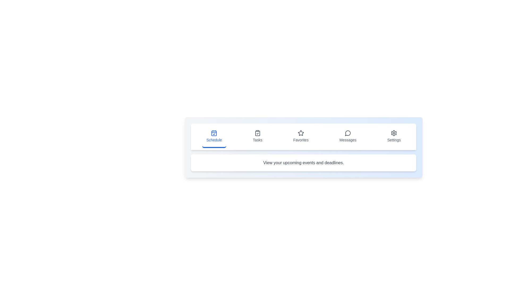 The image size is (510, 287). I want to click on the tab labeled Settings, so click(394, 137).